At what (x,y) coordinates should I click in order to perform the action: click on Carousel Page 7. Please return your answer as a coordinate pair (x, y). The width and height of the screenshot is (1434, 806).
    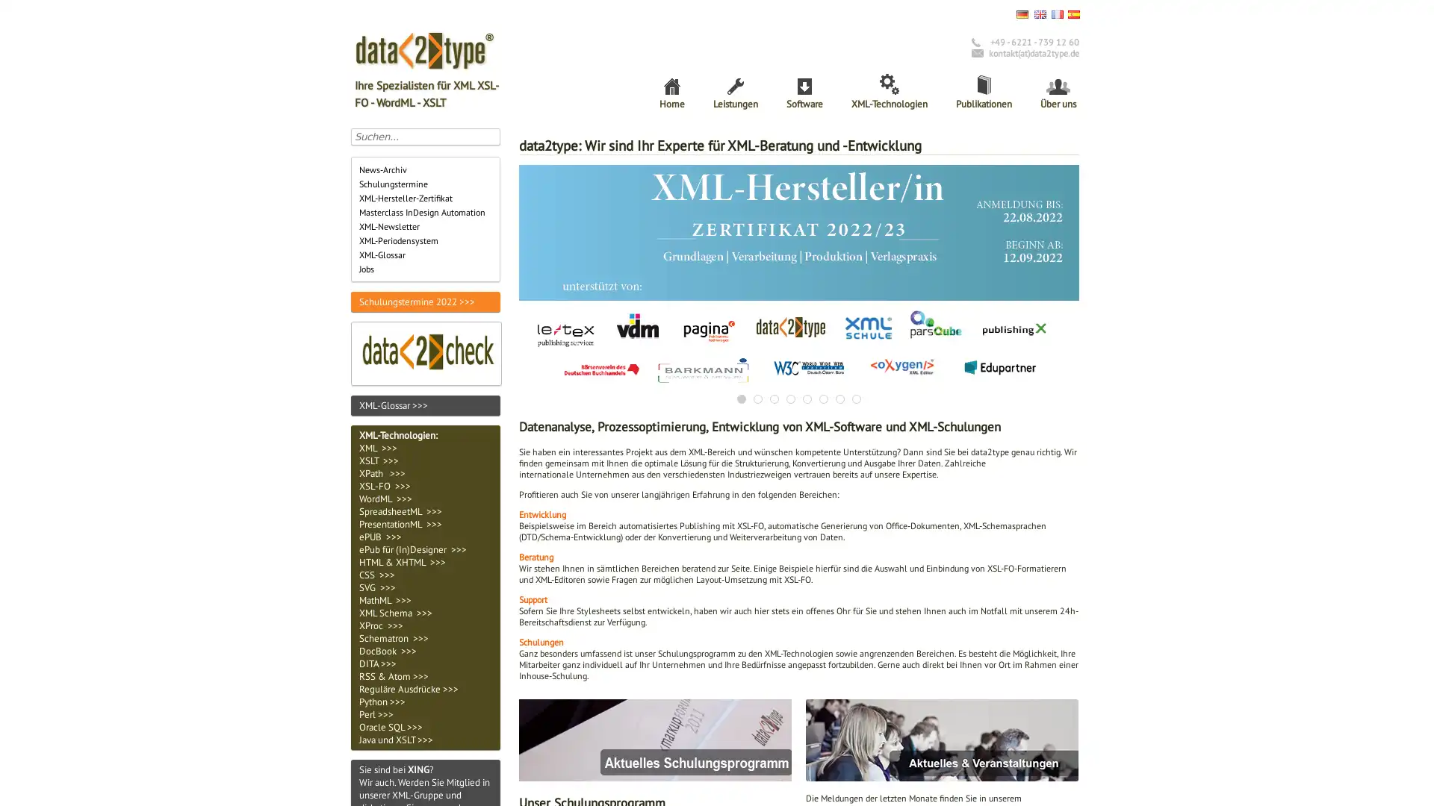
    Looking at the image, I should click on (839, 397).